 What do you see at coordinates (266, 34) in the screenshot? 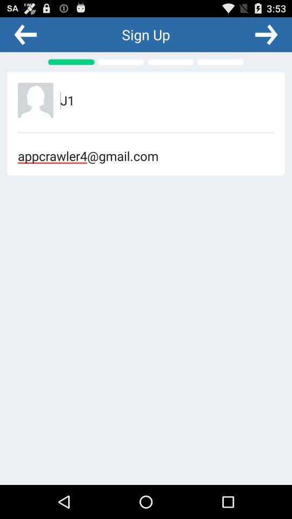
I see `next` at bounding box center [266, 34].